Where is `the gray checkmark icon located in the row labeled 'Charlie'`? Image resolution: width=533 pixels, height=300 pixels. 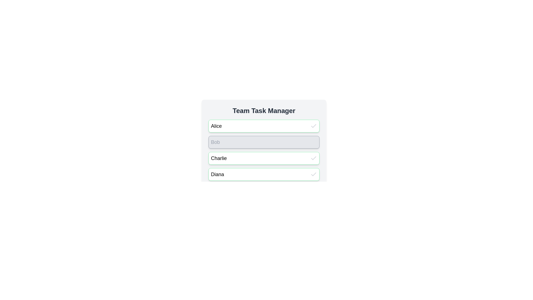
the gray checkmark icon located in the row labeled 'Charlie' is located at coordinates (313, 158).